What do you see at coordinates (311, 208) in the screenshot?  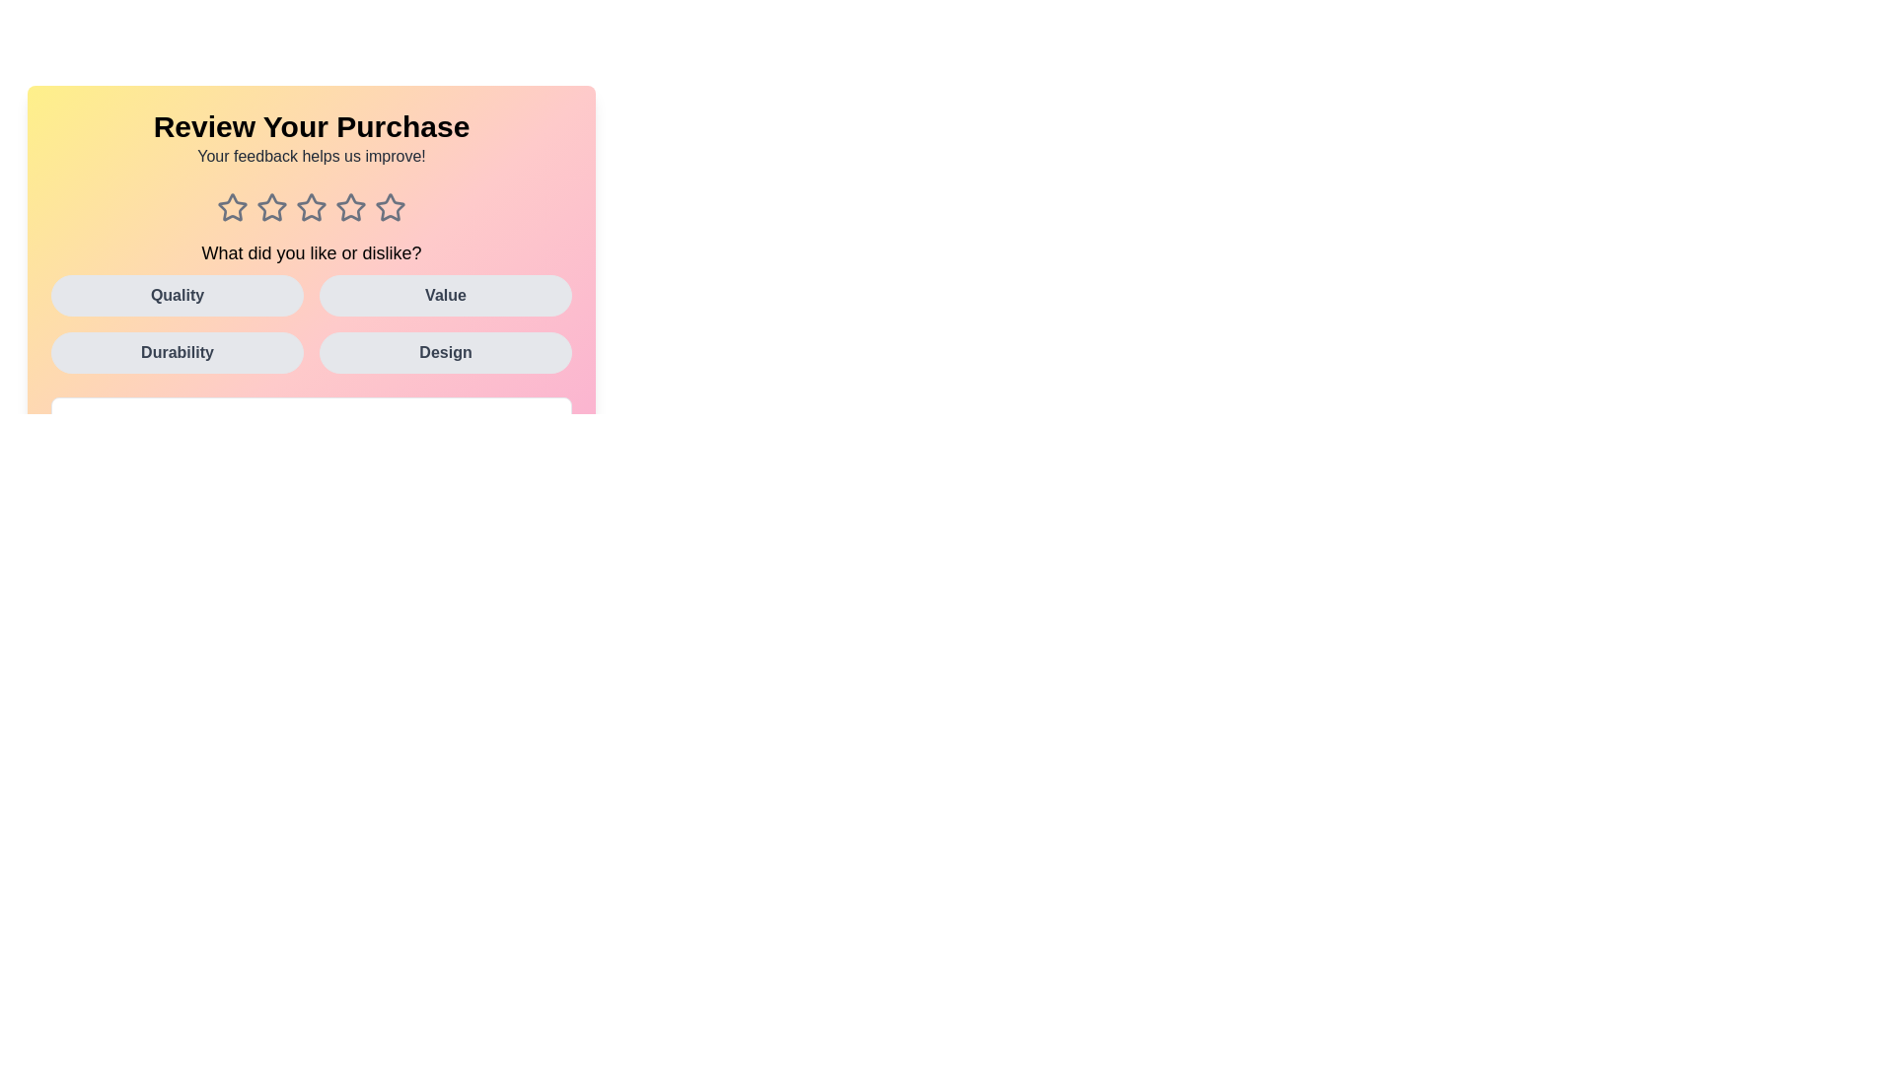 I see `the third star in the five-star rating system, which is located centrally below the text 'Your feedback helps us improve!'` at bounding box center [311, 208].